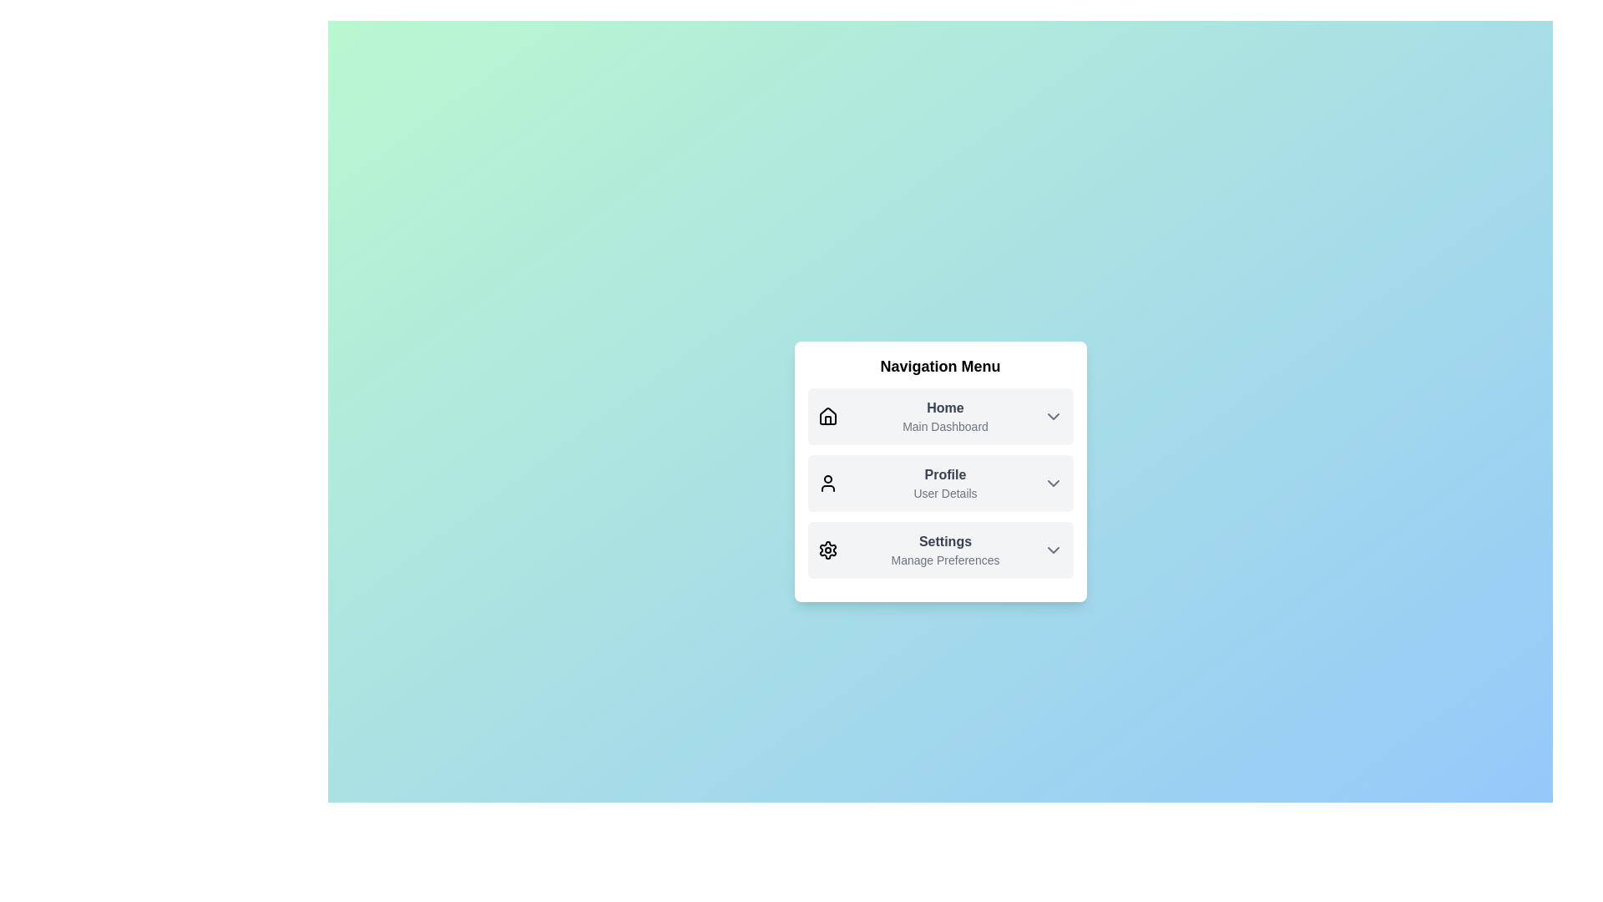  I want to click on the ChevronDown icon for Settings to expand or collapse the dropdown, so click(1052, 550).